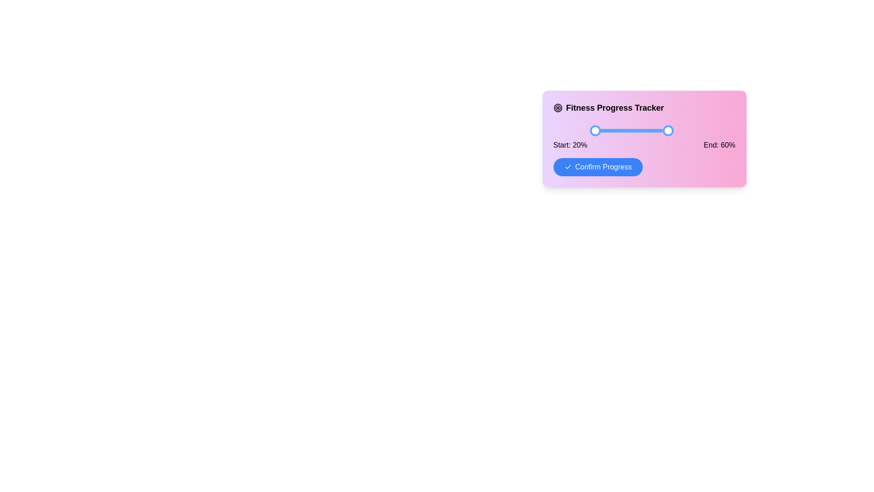 This screenshot has width=874, height=492. What do you see at coordinates (589, 130) in the screenshot?
I see `the slider` at bounding box center [589, 130].